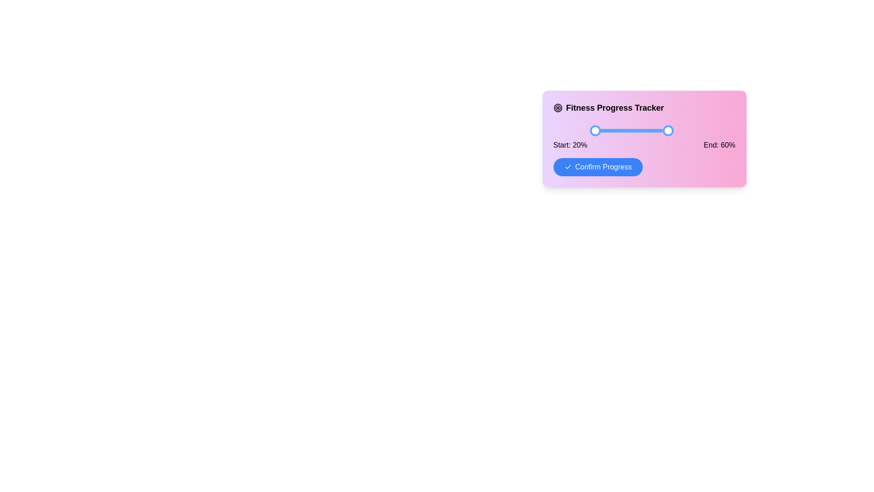 This screenshot has width=874, height=492. What do you see at coordinates (589, 130) in the screenshot?
I see `the slider` at bounding box center [589, 130].